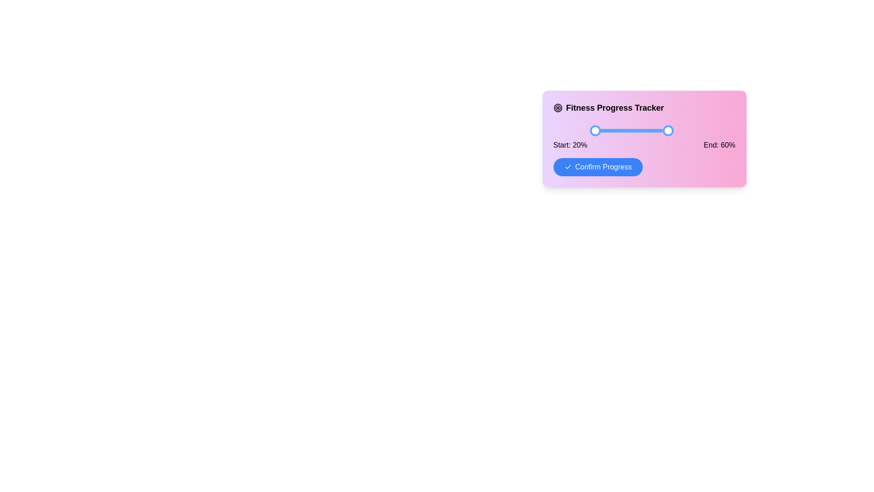 This screenshot has width=874, height=492. What do you see at coordinates (589, 130) in the screenshot?
I see `the slider` at bounding box center [589, 130].